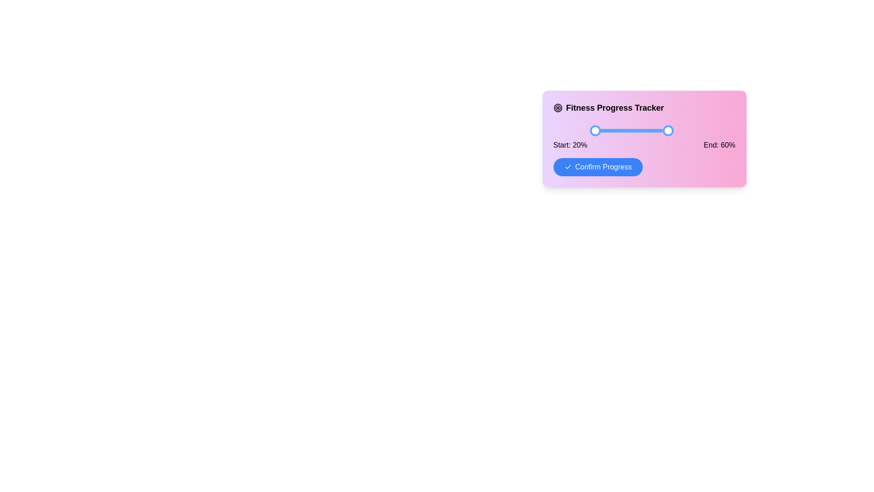 This screenshot has width=874, height=492. What do you see at coordinates (589, 130) in the screenshot?
I see `the slider` at bounding box center [589, 130].